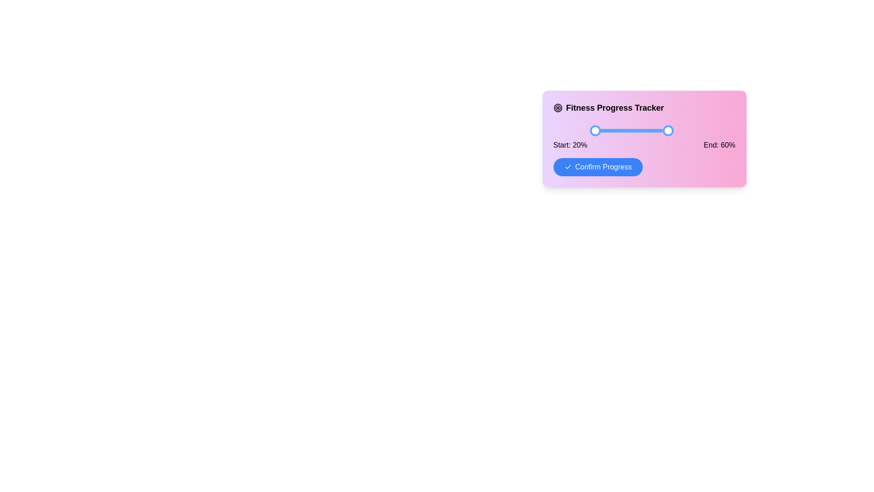 This screenshot has width=874, height=492. What do you see at coordinates (589, 130) in the screenshot?
I see `the slider` at bounding box center [589, 130].